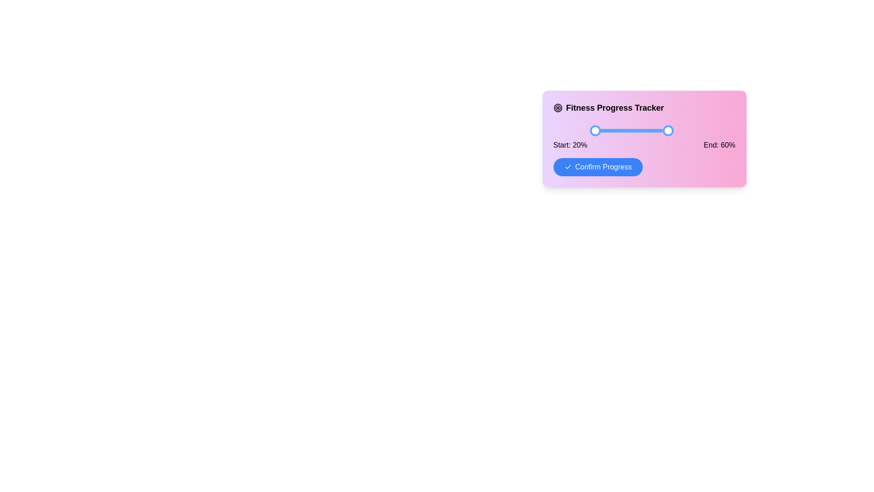 This screenshot has width=874, height=492. What do you see at coordinates (589, 130) in the screenshot?
I see `the slider` at bounding box center [589, 130].